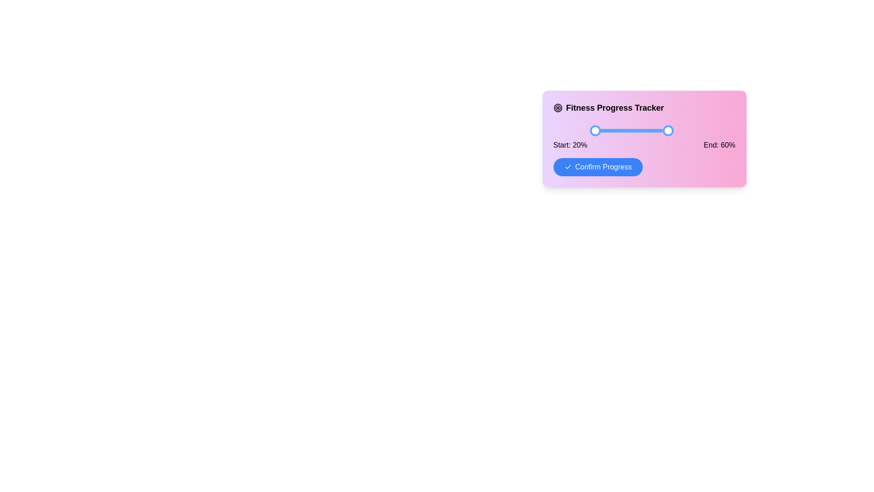 This screenshot has width=874, height=492. What do you see at coordinates (589, 130) in the screenshot?
I see `the slider` at bounding box center [589, 130].